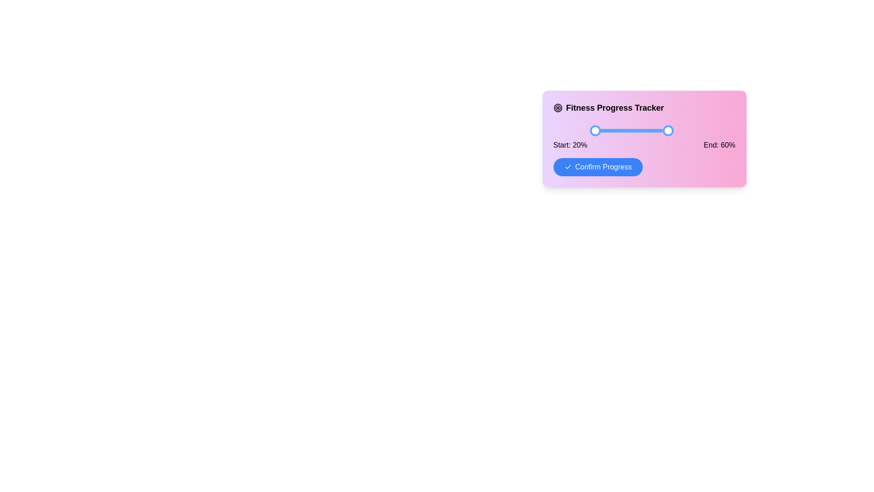 This screenshot has width=874, height=492. What do you see at coordinates (589, 130) in the screenshot?
I see `the slider` at bounding box center [589, 130].